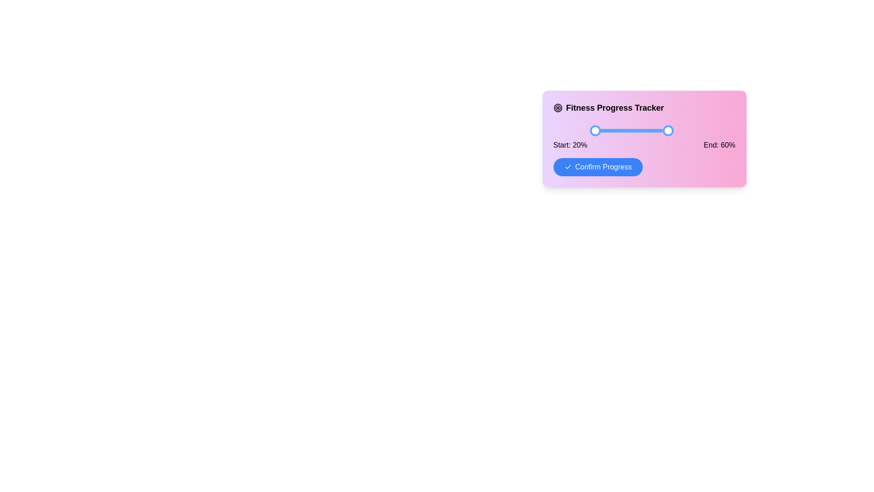 This screenshot has width=874, height=492. What do you see at coordinates (589, 130) in the screenshot?
I see `the slider` at bounding box center [589, 130].